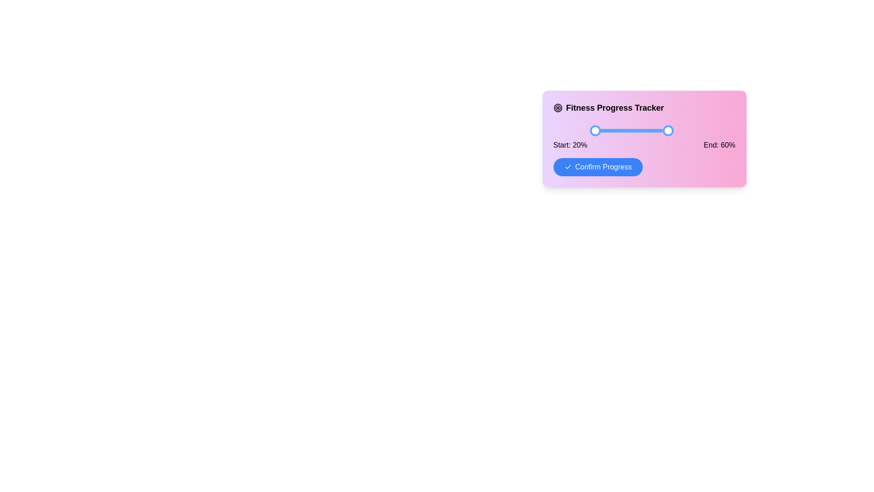 This screenshot has width=874, height=492. What do you see at coordinates (589, 130) in the screenshot?
I see `the slider` at bounding box center [589, 130].